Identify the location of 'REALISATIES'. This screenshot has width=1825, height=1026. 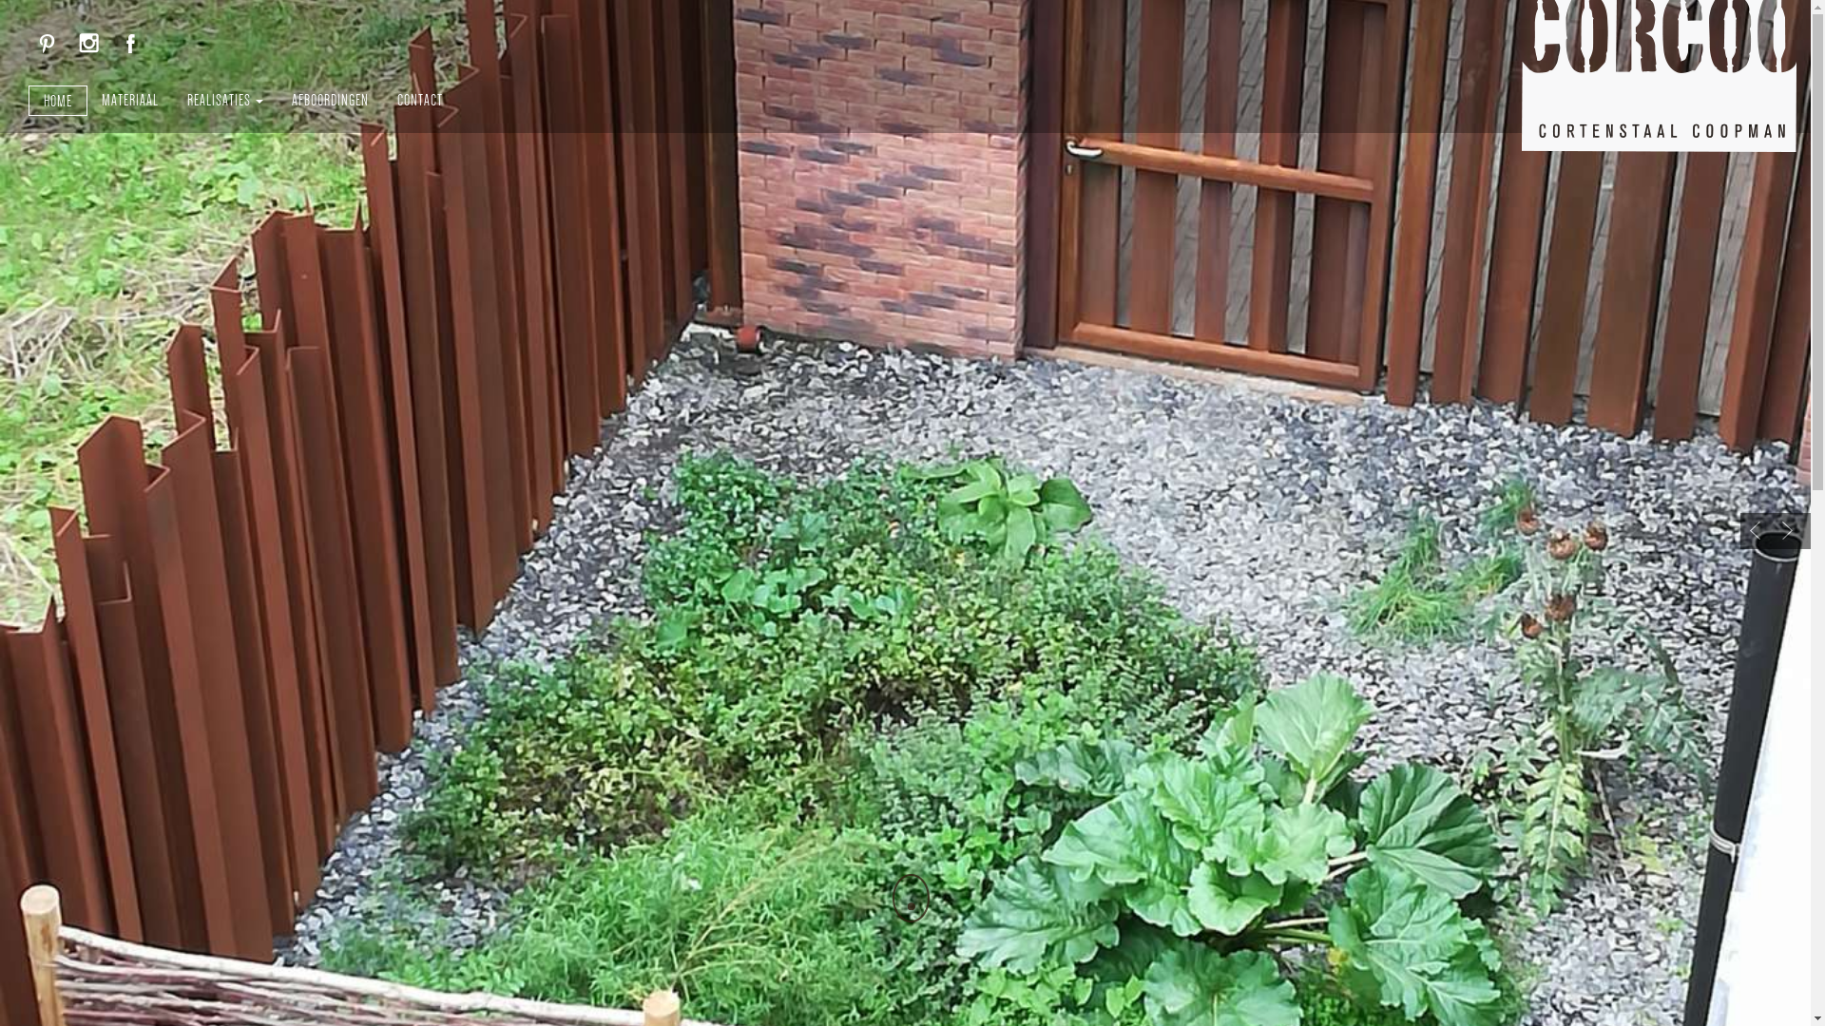
(224, 99).